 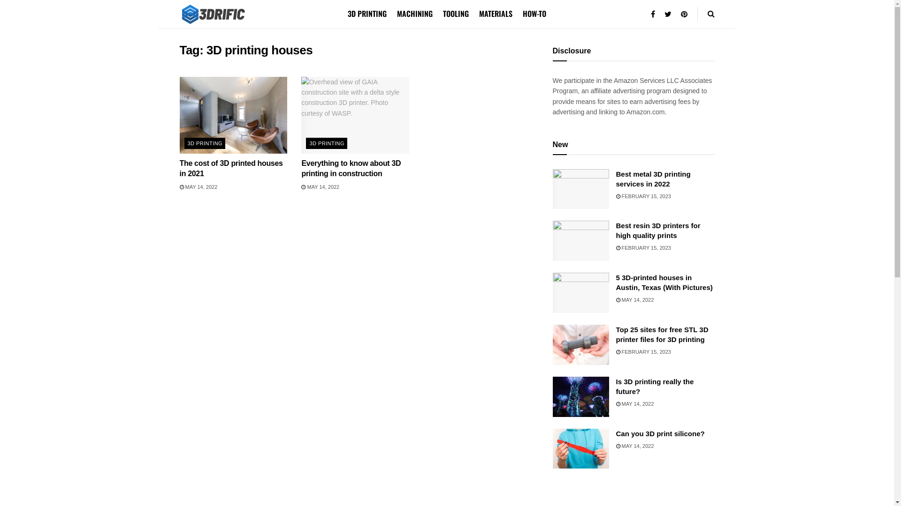 What do you see at coordinates (642, 247) in the screenshot?
I see `'FEBRUARY 15, 2023'` at bounding box center [642, 247].